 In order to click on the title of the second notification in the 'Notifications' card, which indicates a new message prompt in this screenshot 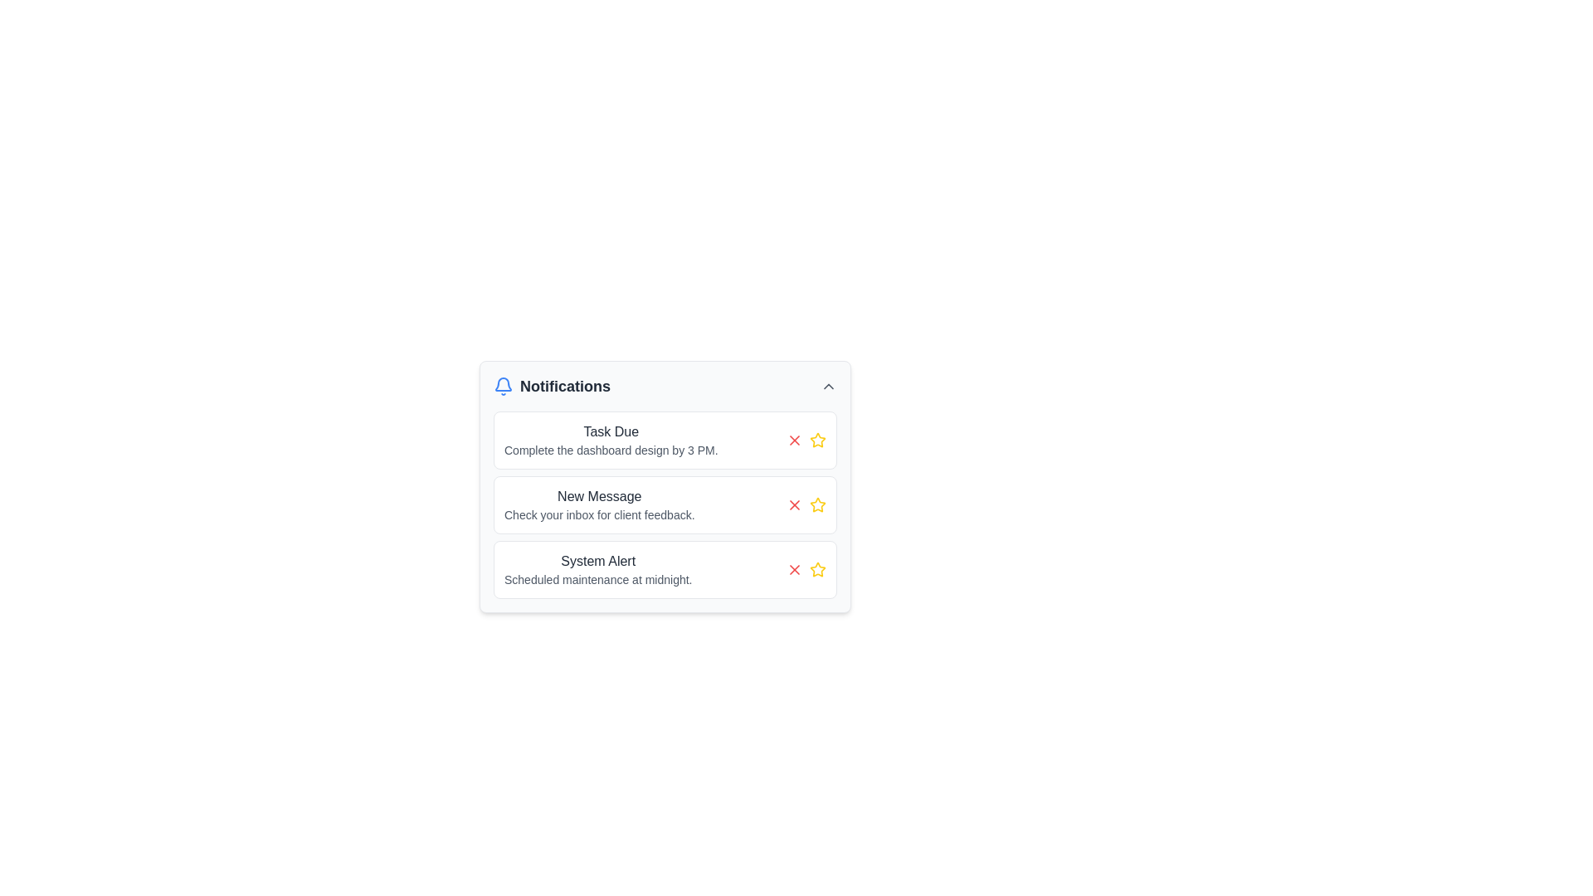, I will do `click(598, 495)`.